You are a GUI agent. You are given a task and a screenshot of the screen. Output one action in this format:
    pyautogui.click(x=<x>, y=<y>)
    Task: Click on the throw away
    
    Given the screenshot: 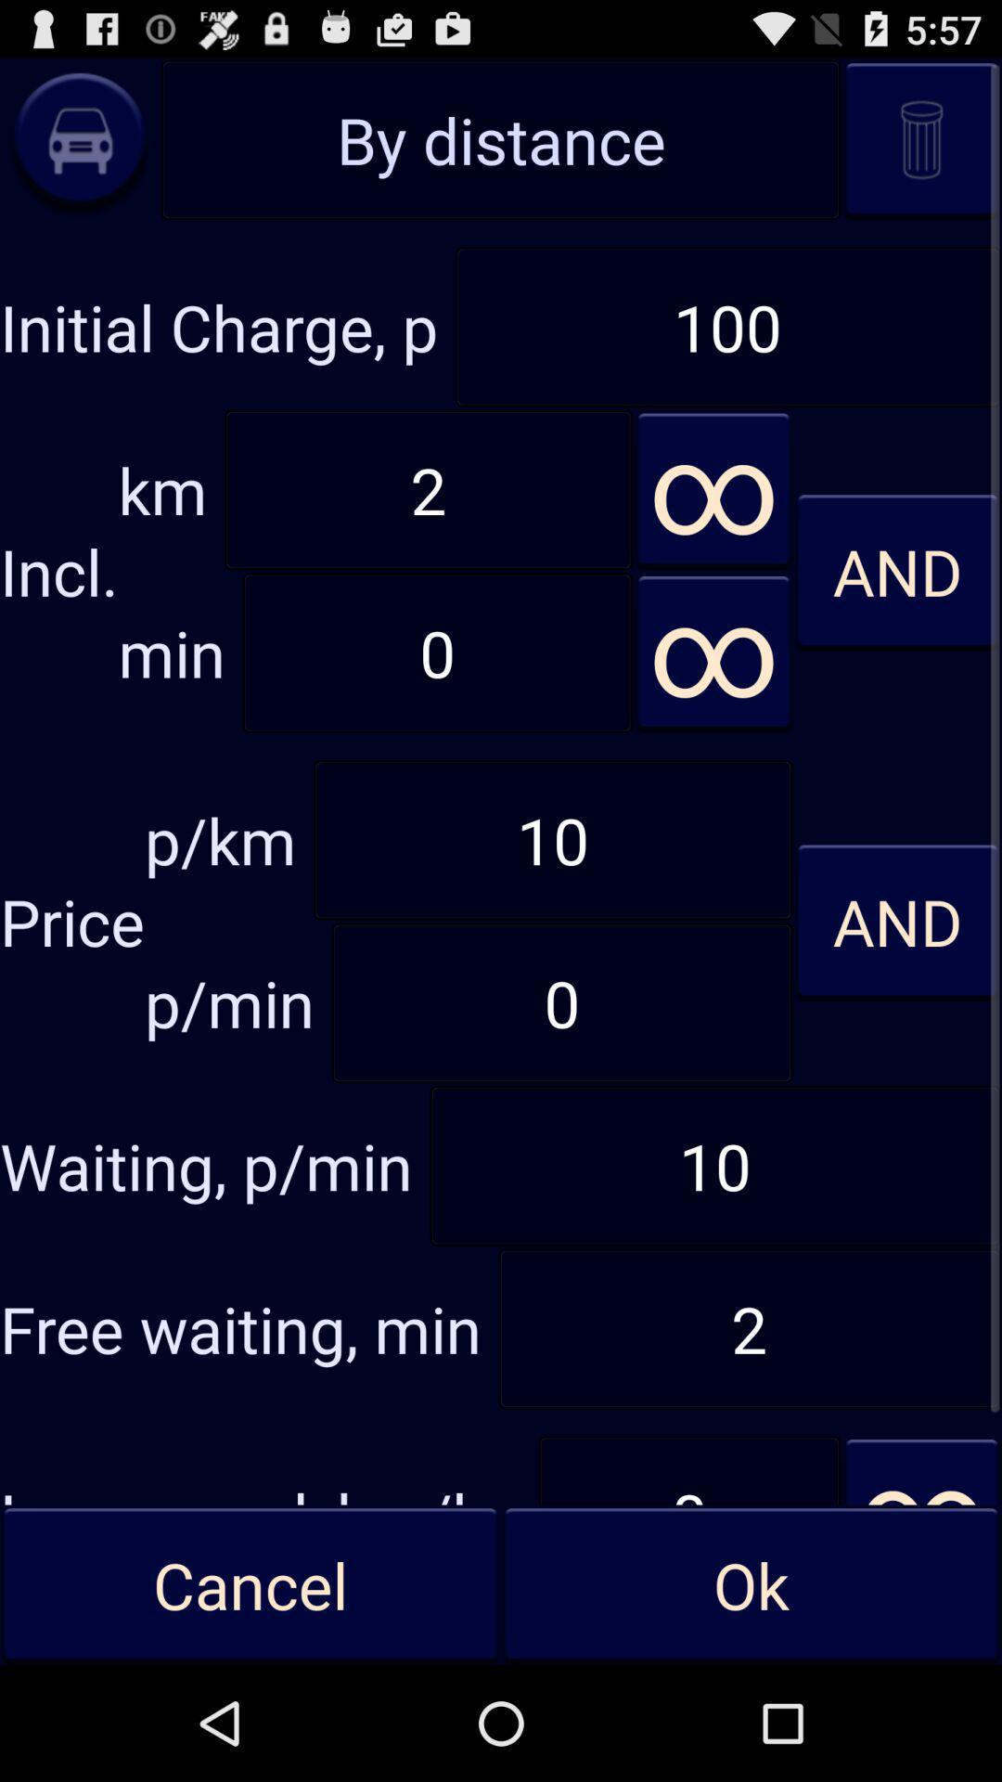 What is the action you would take?
    pyautogui.click(x=921, y=138)
    